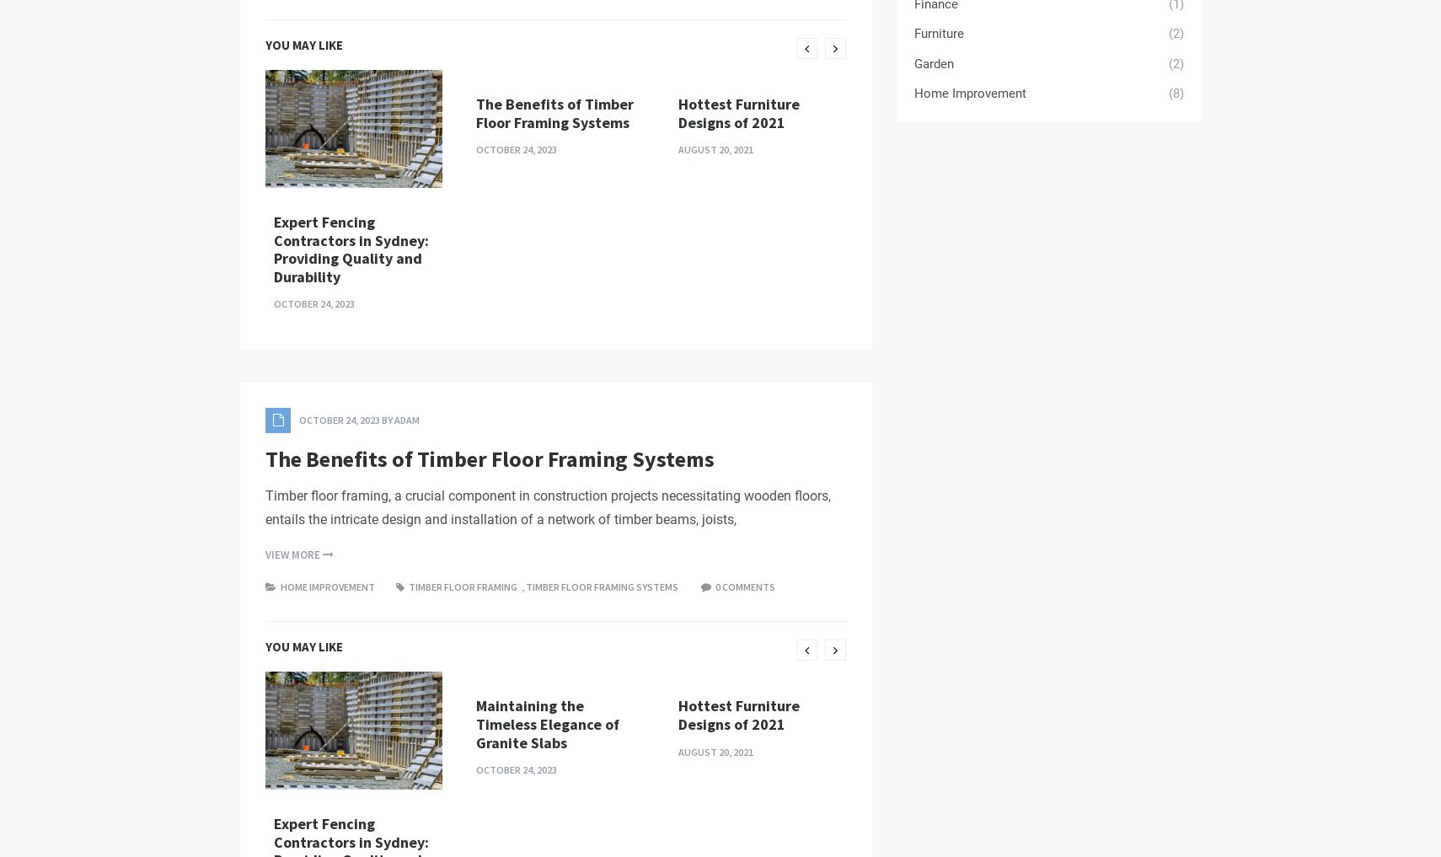  What do you see at coordinates (264, 330) in the screenshot?
I see `'You May Like'` at bounding box center [264, 330].